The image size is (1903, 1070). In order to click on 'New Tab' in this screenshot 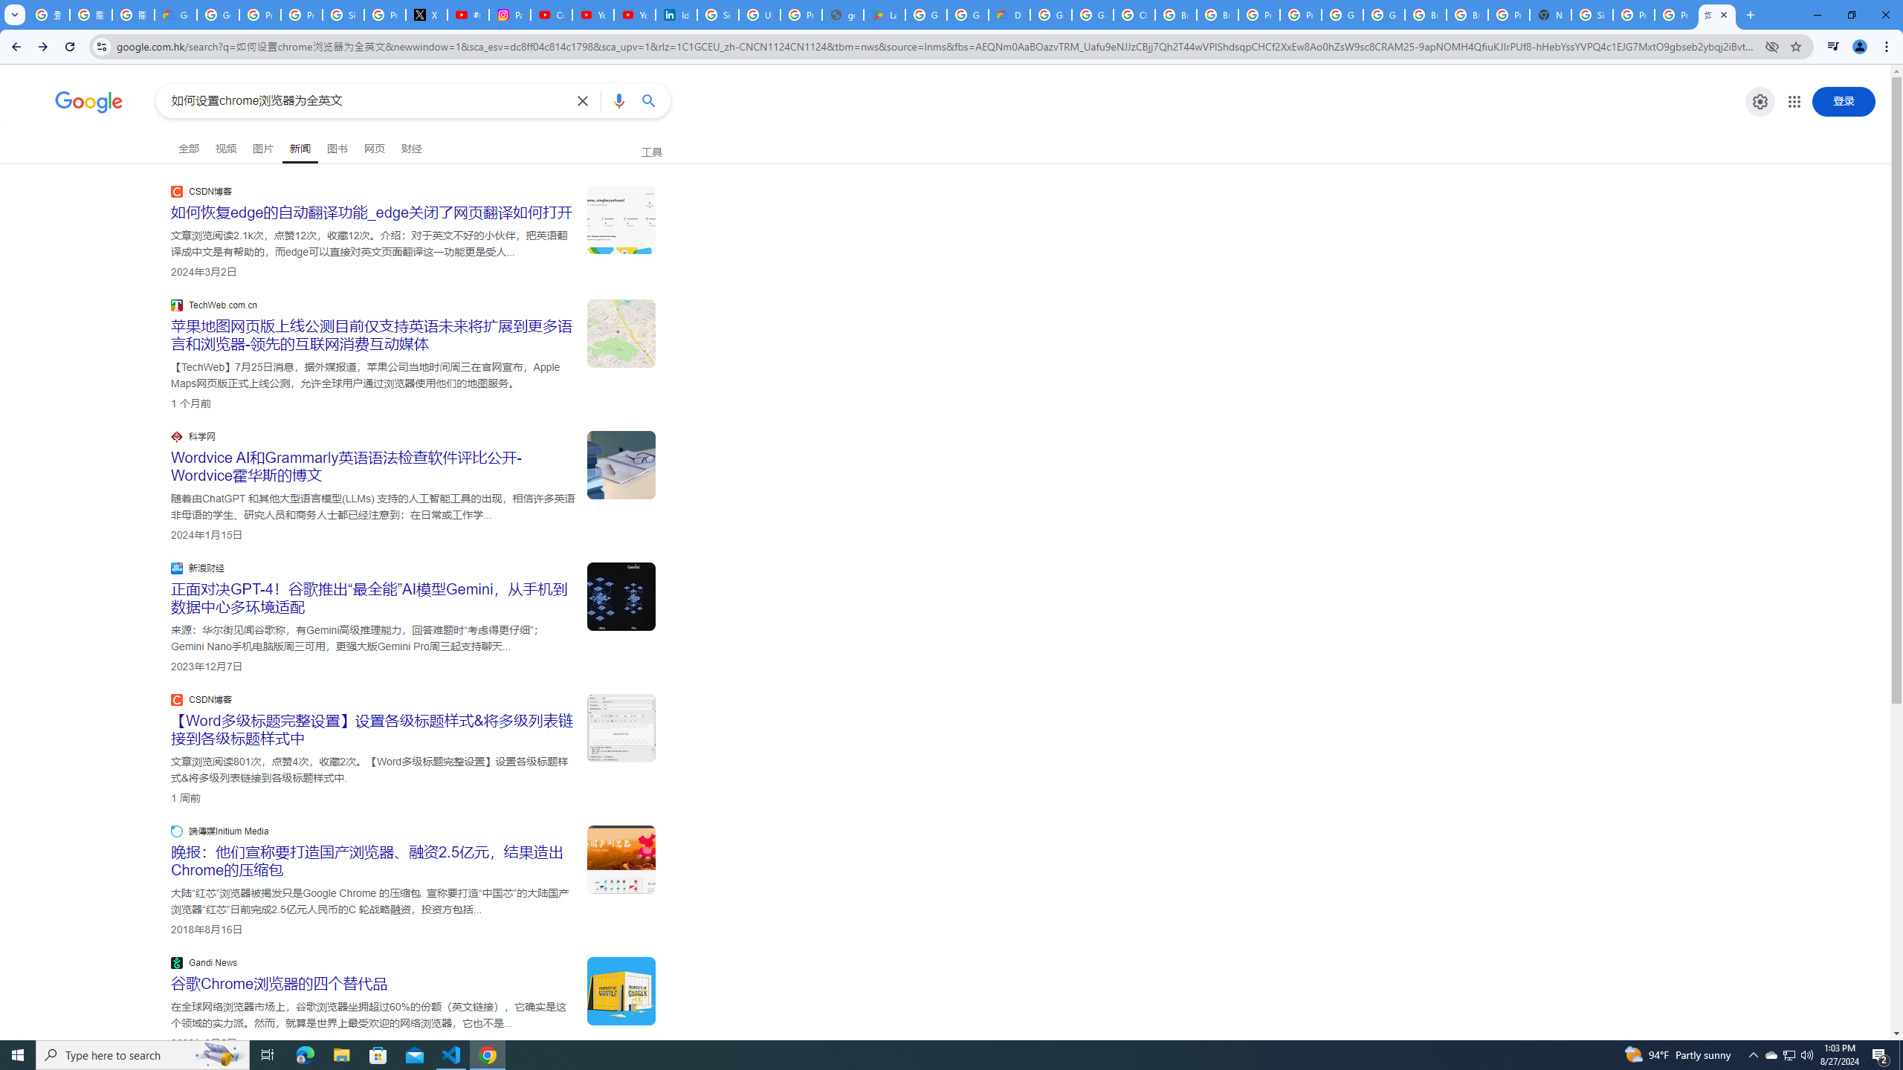, I will do `click(1549, 14)`.